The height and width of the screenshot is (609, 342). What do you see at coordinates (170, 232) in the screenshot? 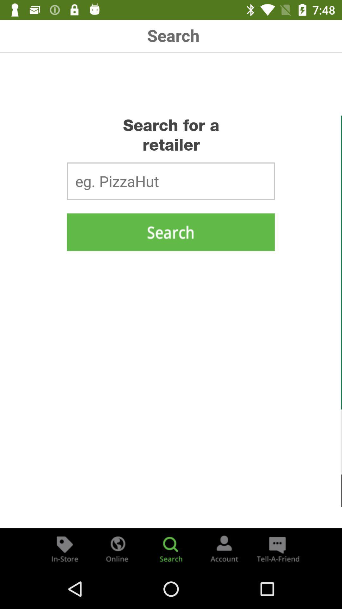
I see `search retailers` at bounding box center [170, 232].